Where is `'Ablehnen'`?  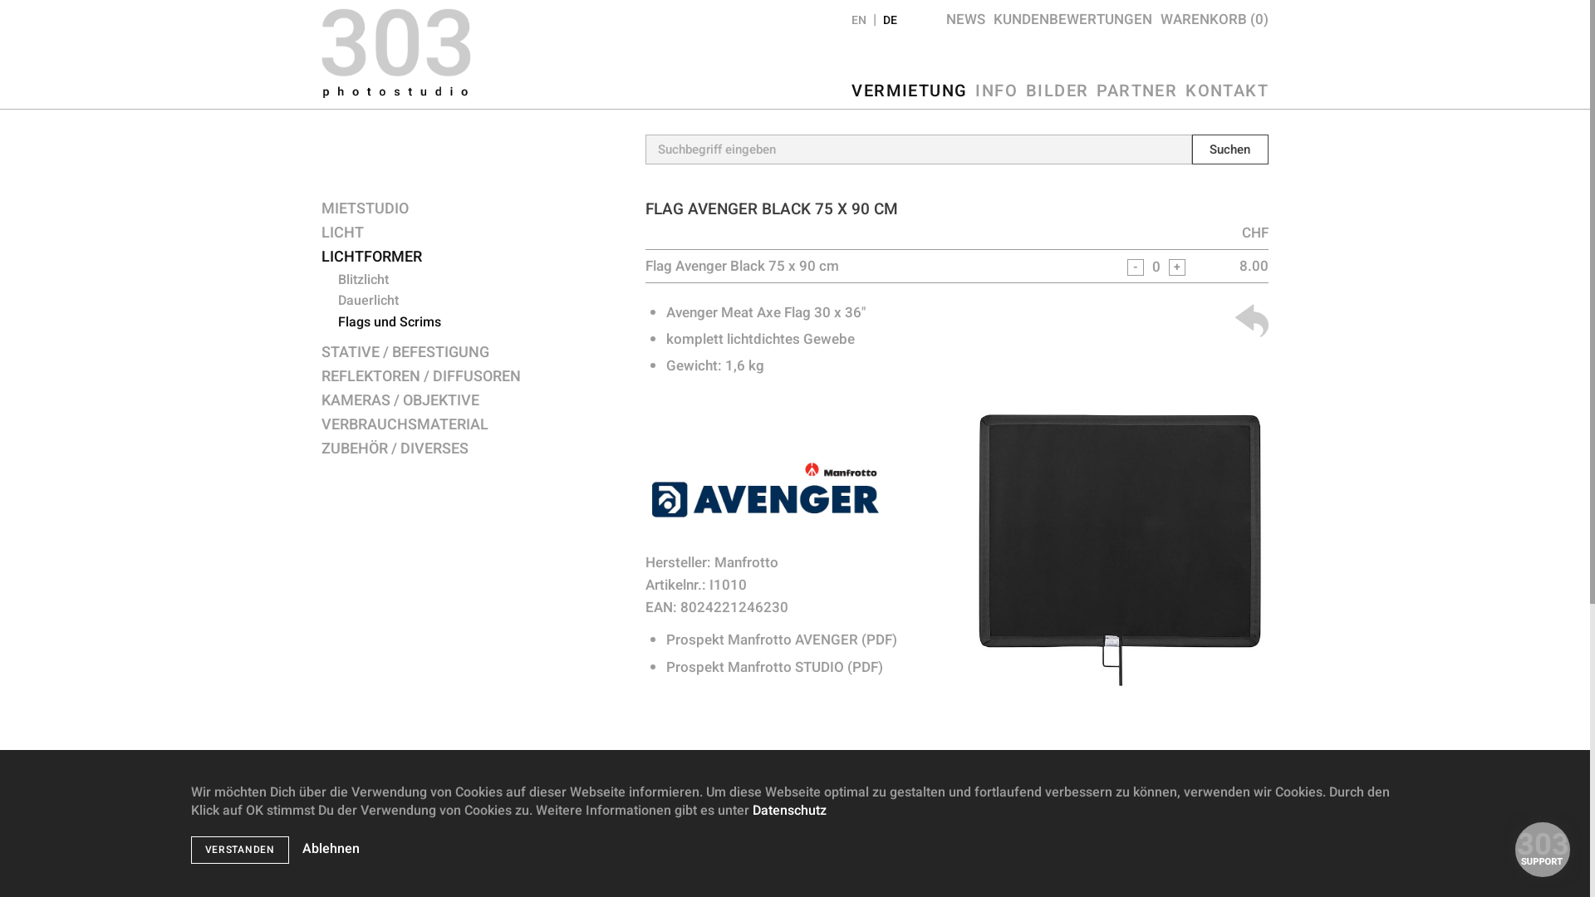
'Ablehnen' is located at coordinates (331, 849).